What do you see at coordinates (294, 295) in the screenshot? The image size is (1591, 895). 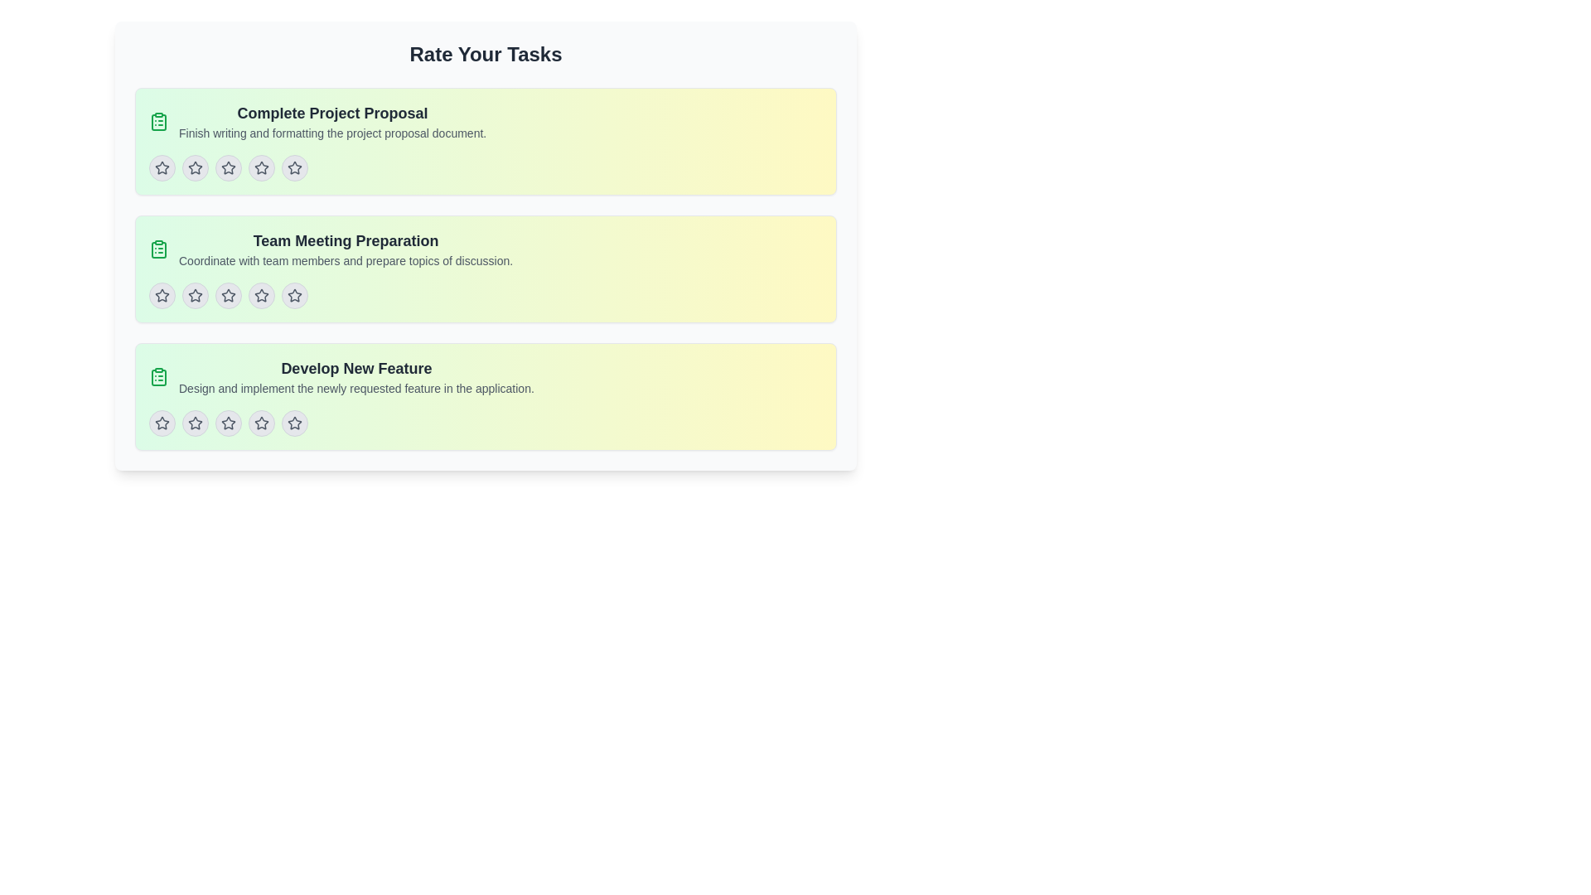 I see `the fifth star in the rating widget for the task 'Team Meeting Preparation' to observe hover effects` at bounding box center [294, 295].